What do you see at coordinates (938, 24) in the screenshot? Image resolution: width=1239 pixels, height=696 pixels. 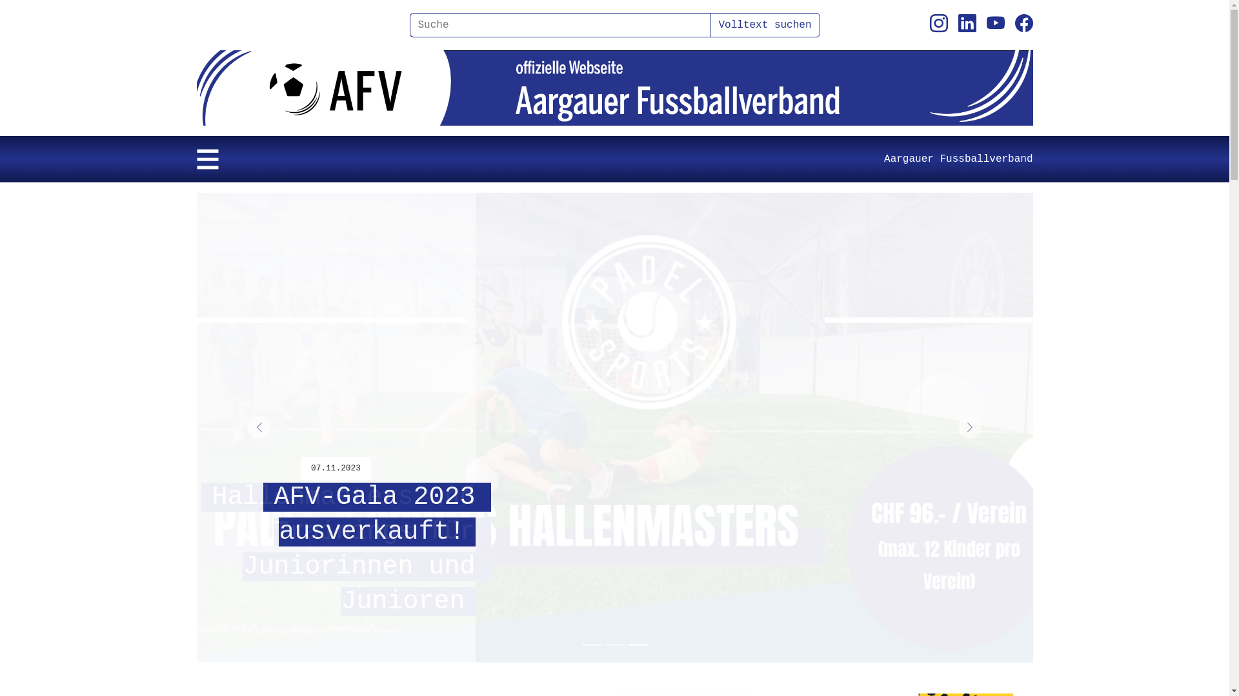 I see `'Instagram'` at bounding box center [938, 24].